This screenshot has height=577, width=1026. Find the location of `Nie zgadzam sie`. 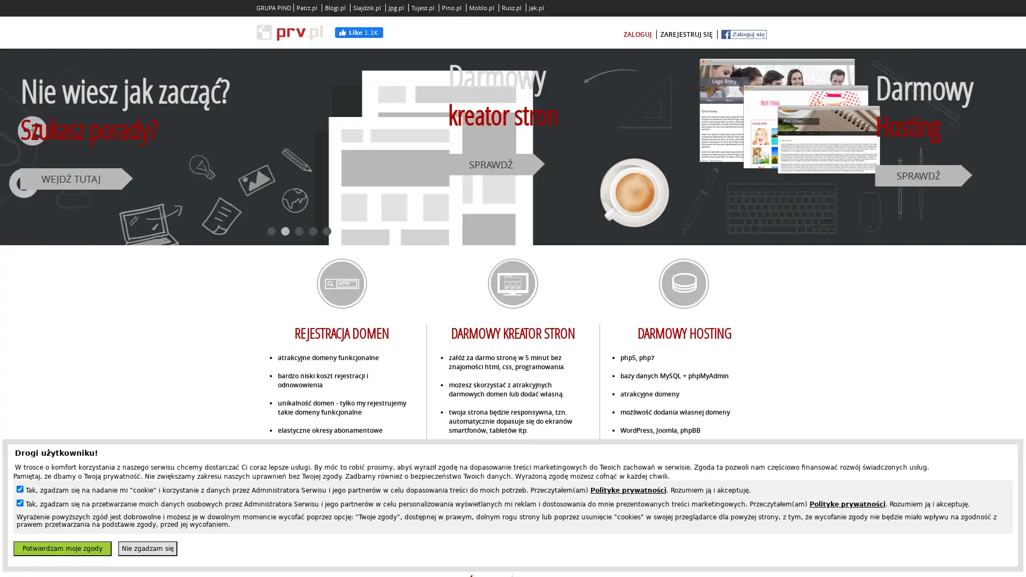

Nie zgadzam sie is located at coordinates (147, 548).